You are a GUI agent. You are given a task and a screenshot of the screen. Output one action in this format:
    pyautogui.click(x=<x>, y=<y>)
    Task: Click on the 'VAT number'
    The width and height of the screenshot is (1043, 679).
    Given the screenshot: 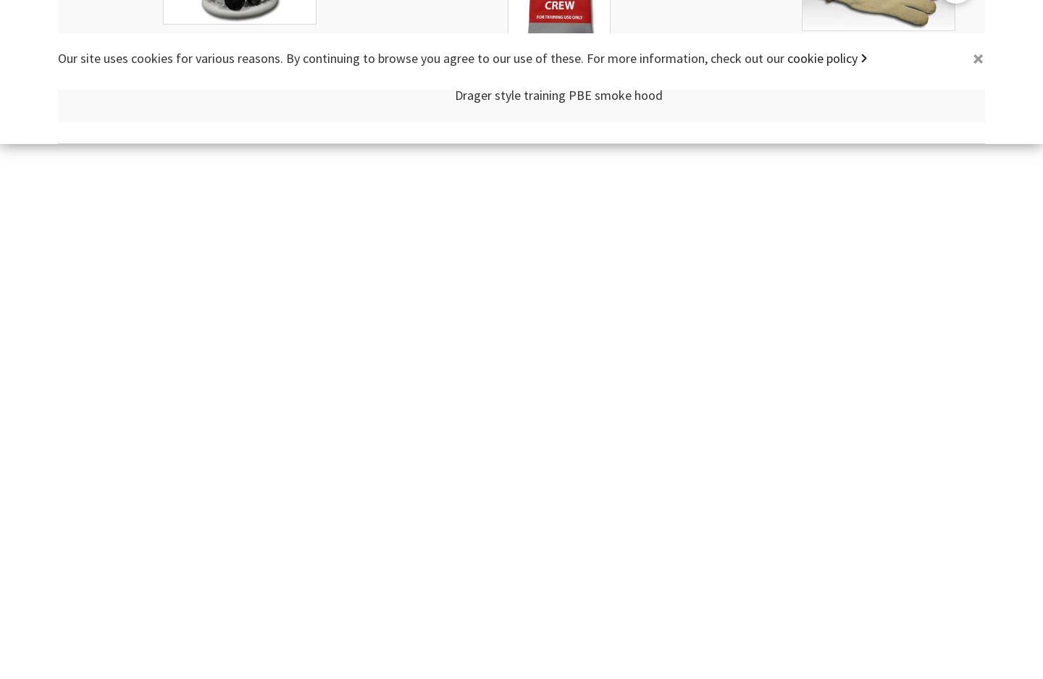 What is the action you would take?
    pyautogui.click(x=500, y=72)
    